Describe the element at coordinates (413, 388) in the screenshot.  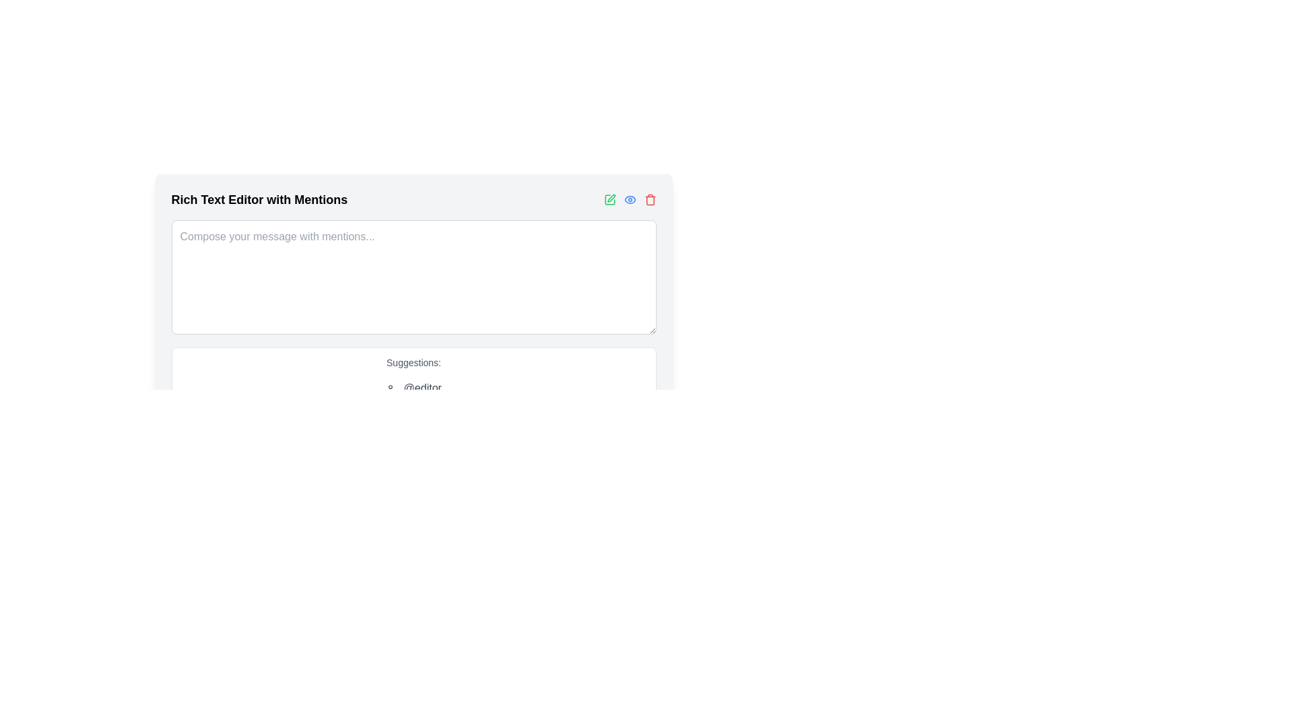
I see `the first list item suggesting '@editor'` at that location.